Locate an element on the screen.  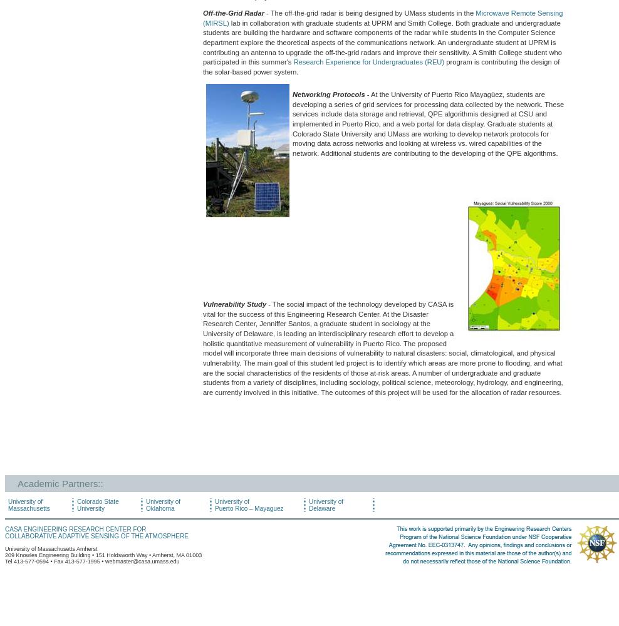
'lab in collaboration with graduate students at UPRM and Smith College. Both graduate and undergraduate students are building the hardware and software components of the radar while students in the Computer Science department explore the theoretical aspects of the communications network. An undergraduate student at UPRM is contributing an antenna to upgrade the off-the-grid radars and improve their sensitivity. A Smith College student who participated in this summer's' is located at coordinates (382, 41).